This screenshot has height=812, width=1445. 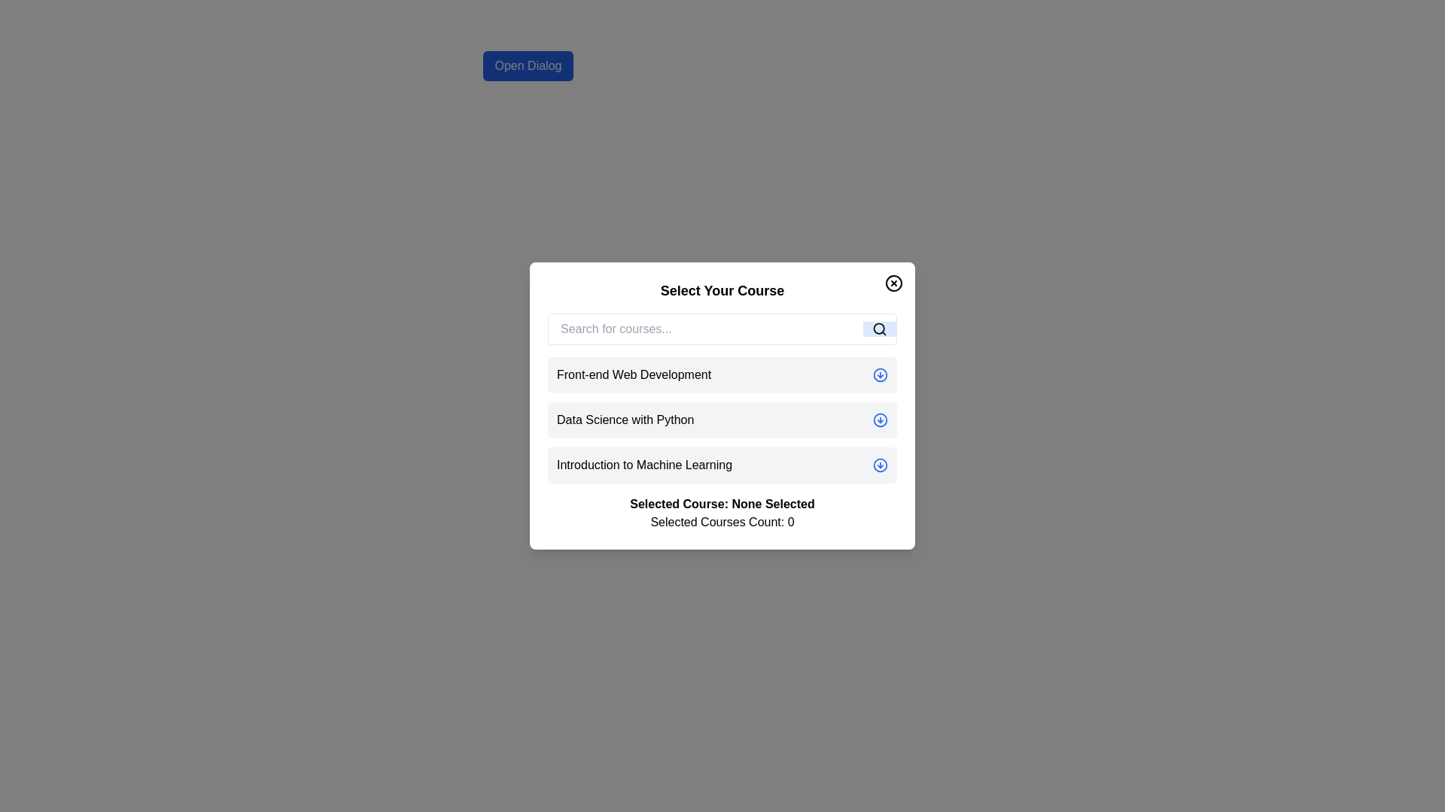 I want to click on the decorative circle element that visually contains the downward arrow, located to the far right of the 'Introduction to Machine Learning' option in the UI list, so click(x=881, y=464).